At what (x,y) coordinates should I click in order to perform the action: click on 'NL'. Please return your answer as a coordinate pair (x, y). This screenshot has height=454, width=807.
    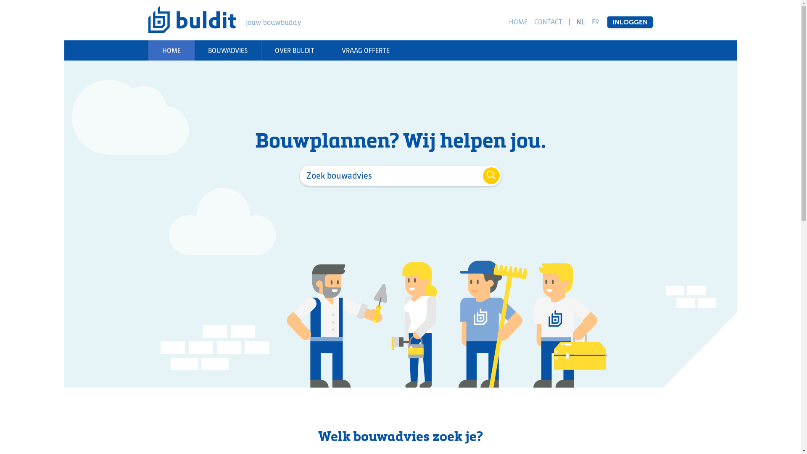
    Looking at the image, I should click on (580, 21).